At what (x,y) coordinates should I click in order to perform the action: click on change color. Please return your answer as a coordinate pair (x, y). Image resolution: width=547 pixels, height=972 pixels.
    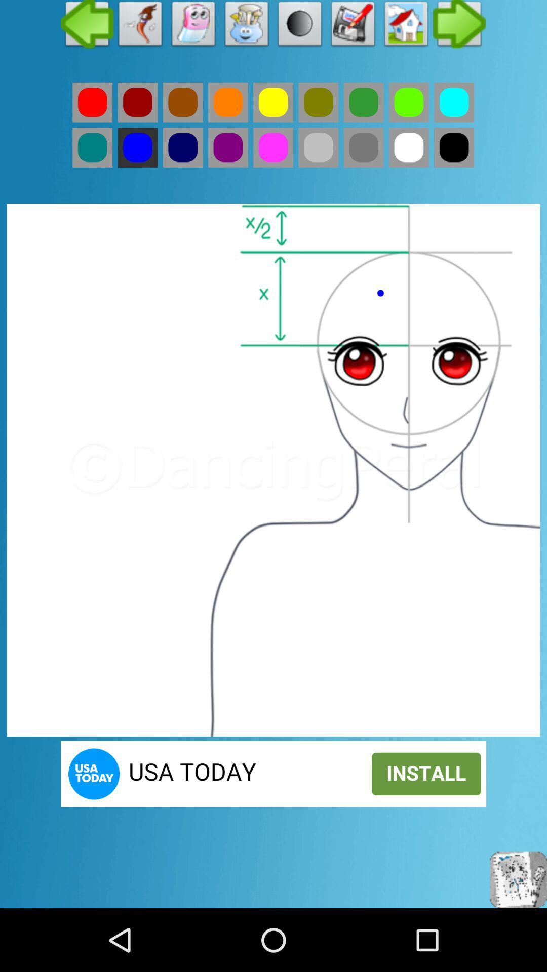
    Looking at the image, I should click on (272, 147).